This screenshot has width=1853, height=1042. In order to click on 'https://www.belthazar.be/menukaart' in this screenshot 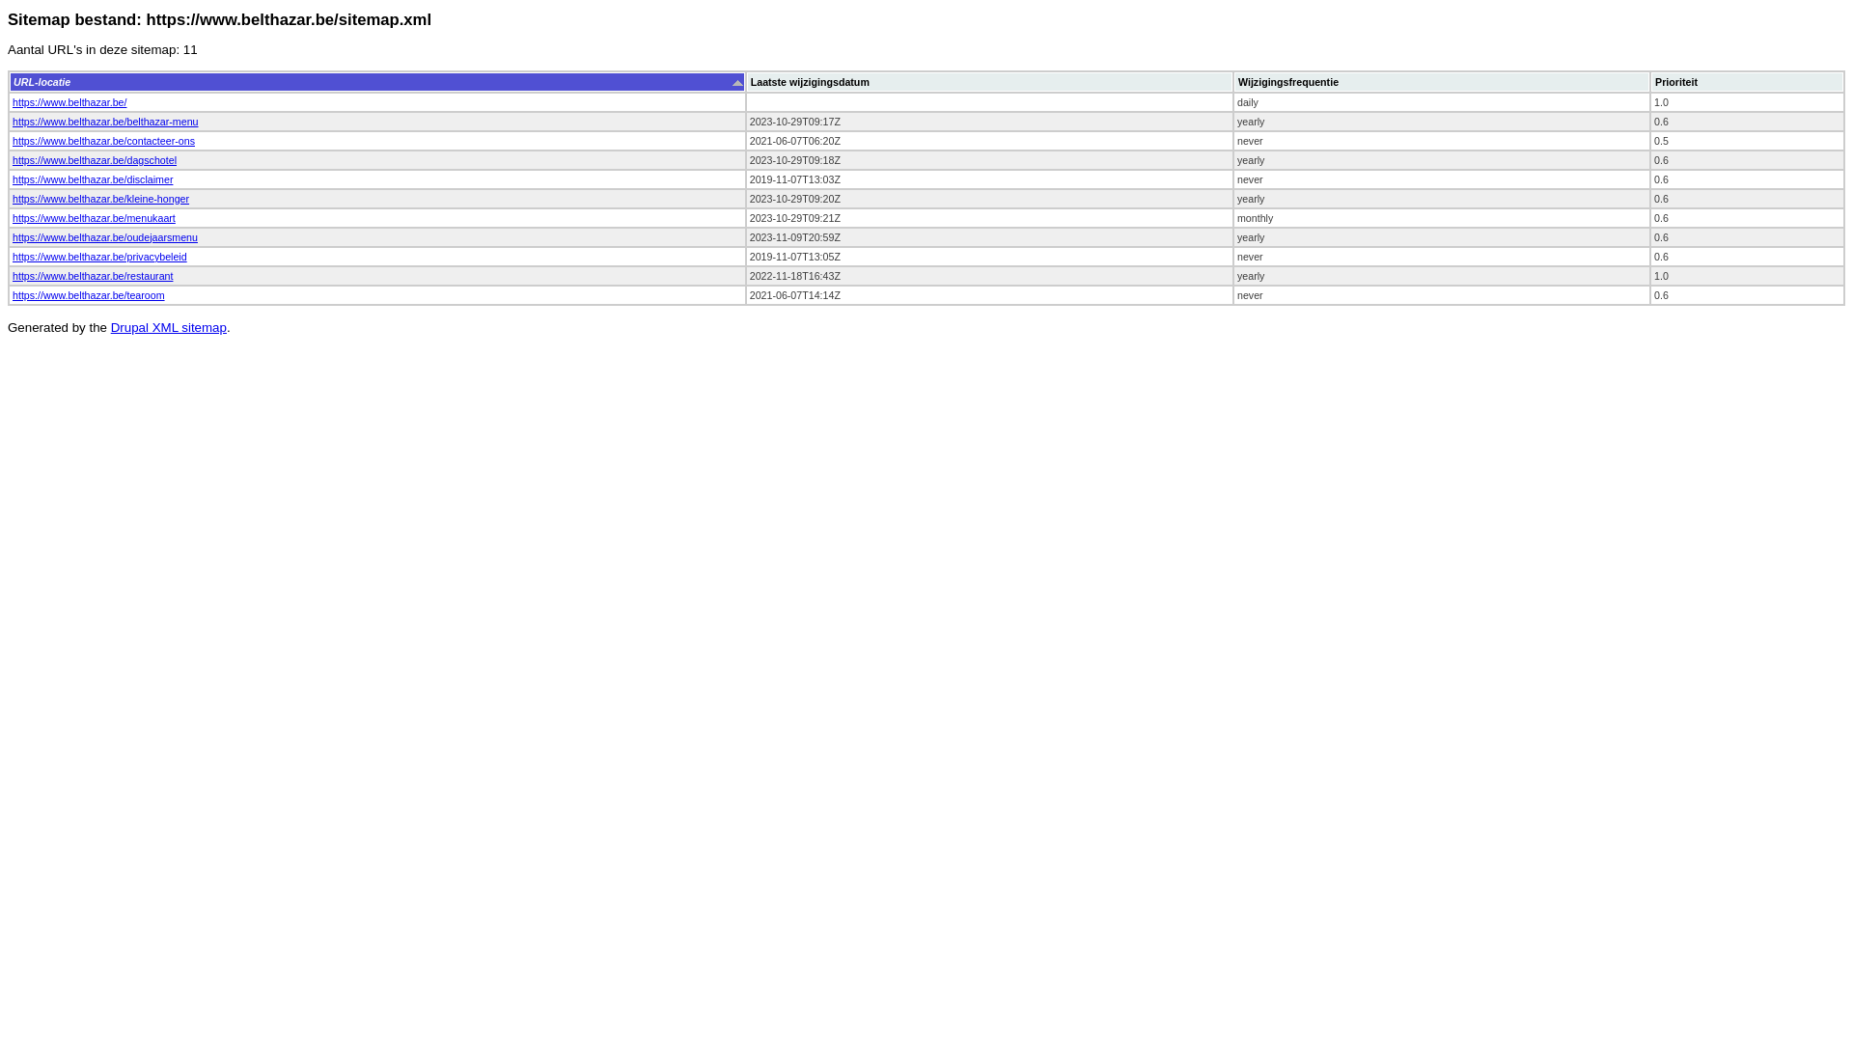, I will do `click(93, 217)`.